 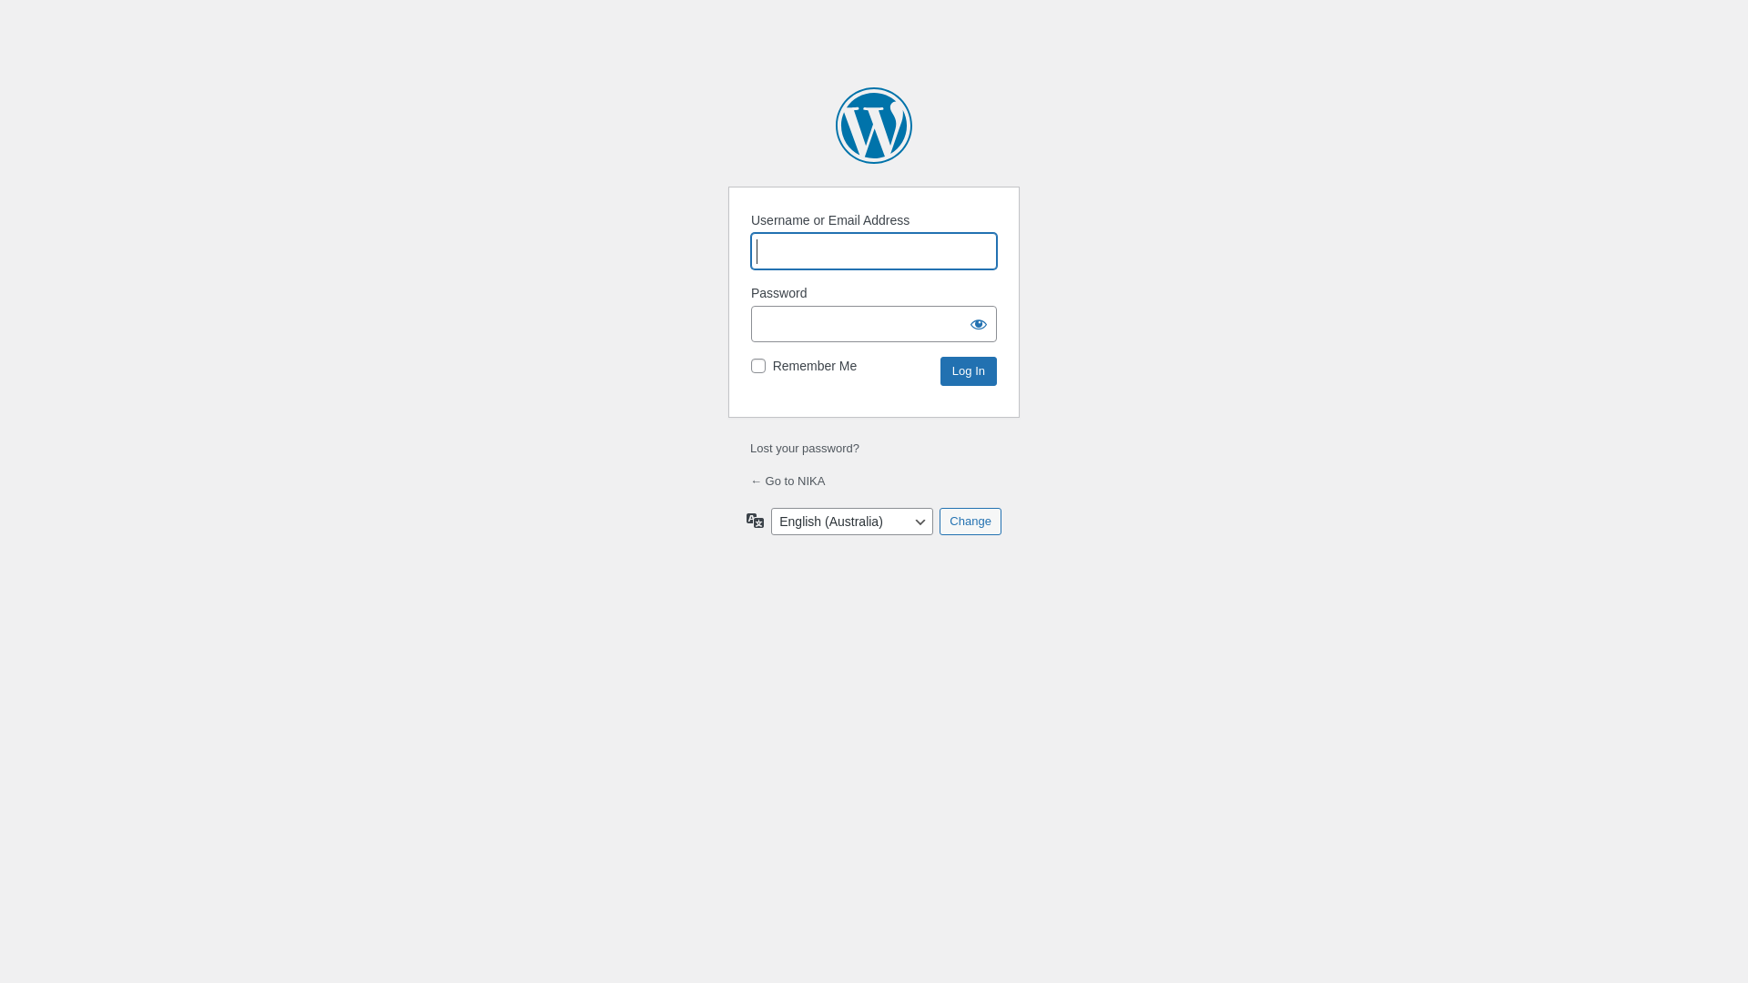 I want to click on 'Powered by WordPress', so click(x=874, y=125).